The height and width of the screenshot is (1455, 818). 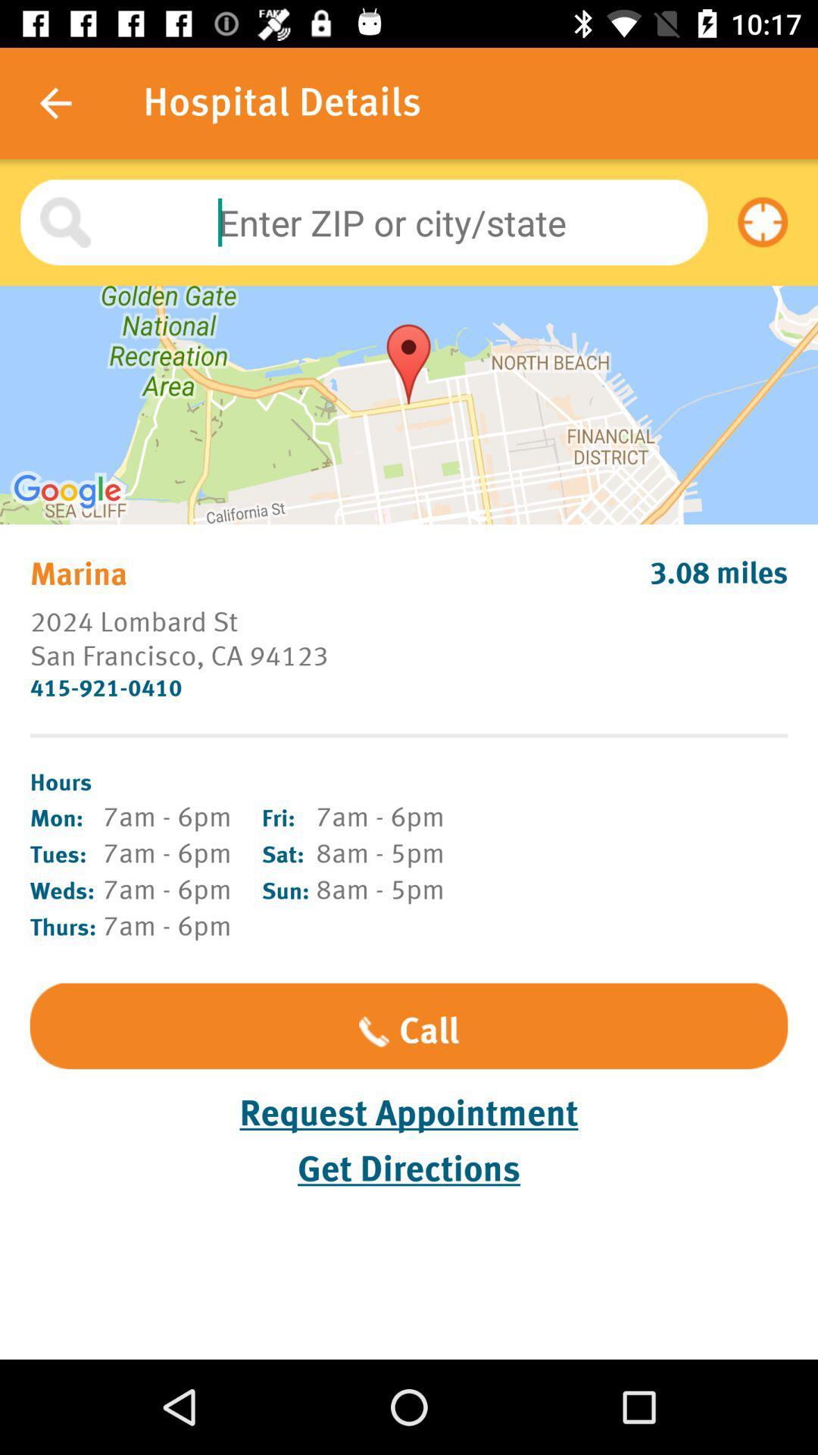 I want to click on zip code, so click(x=364, y=221).